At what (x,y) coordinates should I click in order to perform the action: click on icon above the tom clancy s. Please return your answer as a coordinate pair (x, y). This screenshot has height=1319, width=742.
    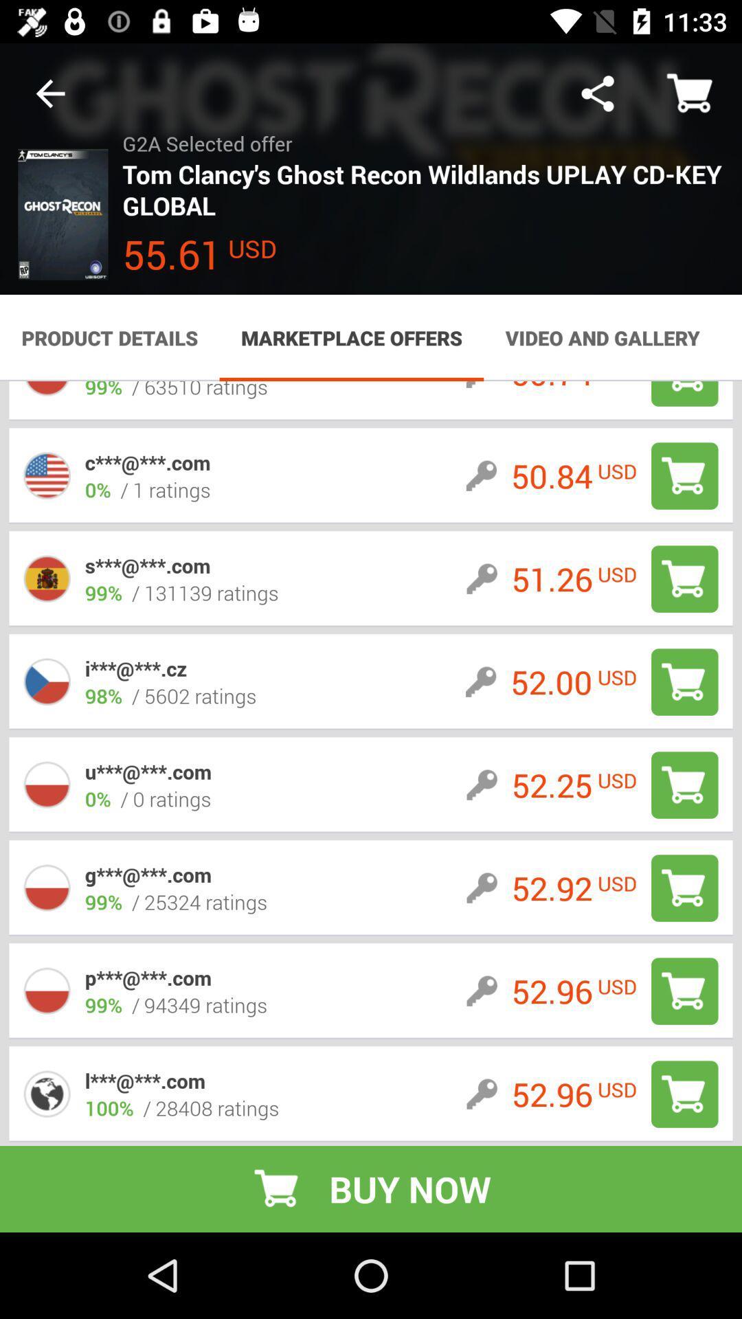
    Looking at the image, I should click on (597, 93).